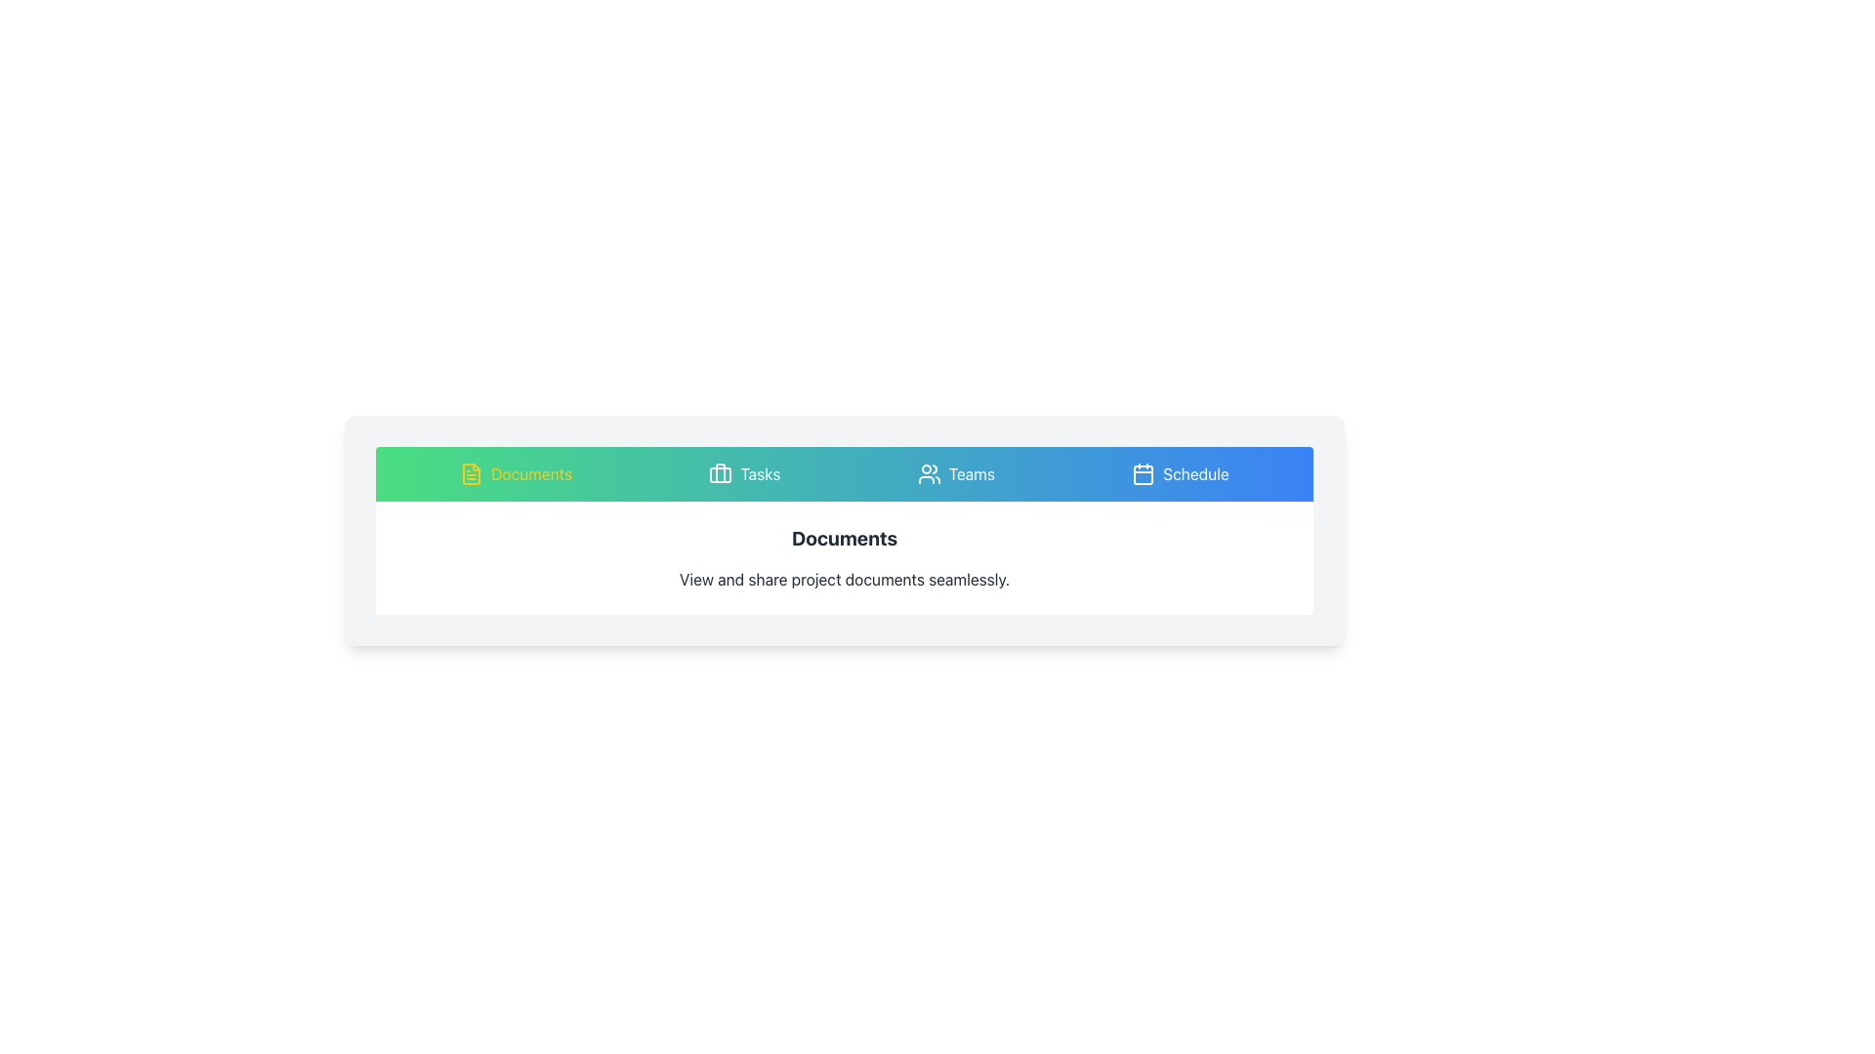 This screenshot has width=1875, height=1054. Describe the element at coordinates (1194, 474) in the screenshot. I see `the 'Schedule' label in the top-right section of the navigation bar, which is the last item and appears next to an icon` at that location.